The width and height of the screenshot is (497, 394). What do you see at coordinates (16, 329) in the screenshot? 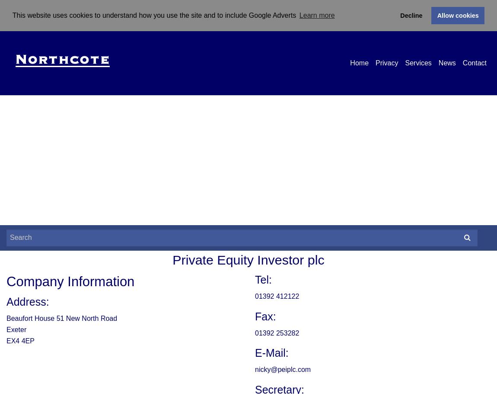
I see `'Exeter'` at bounding box center [16, 329].